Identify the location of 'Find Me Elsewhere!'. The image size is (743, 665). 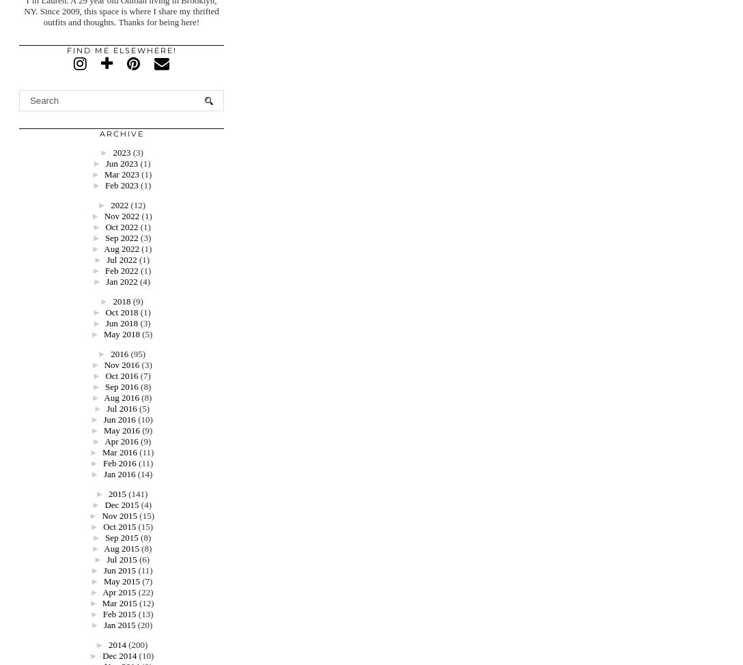
(120, 51).